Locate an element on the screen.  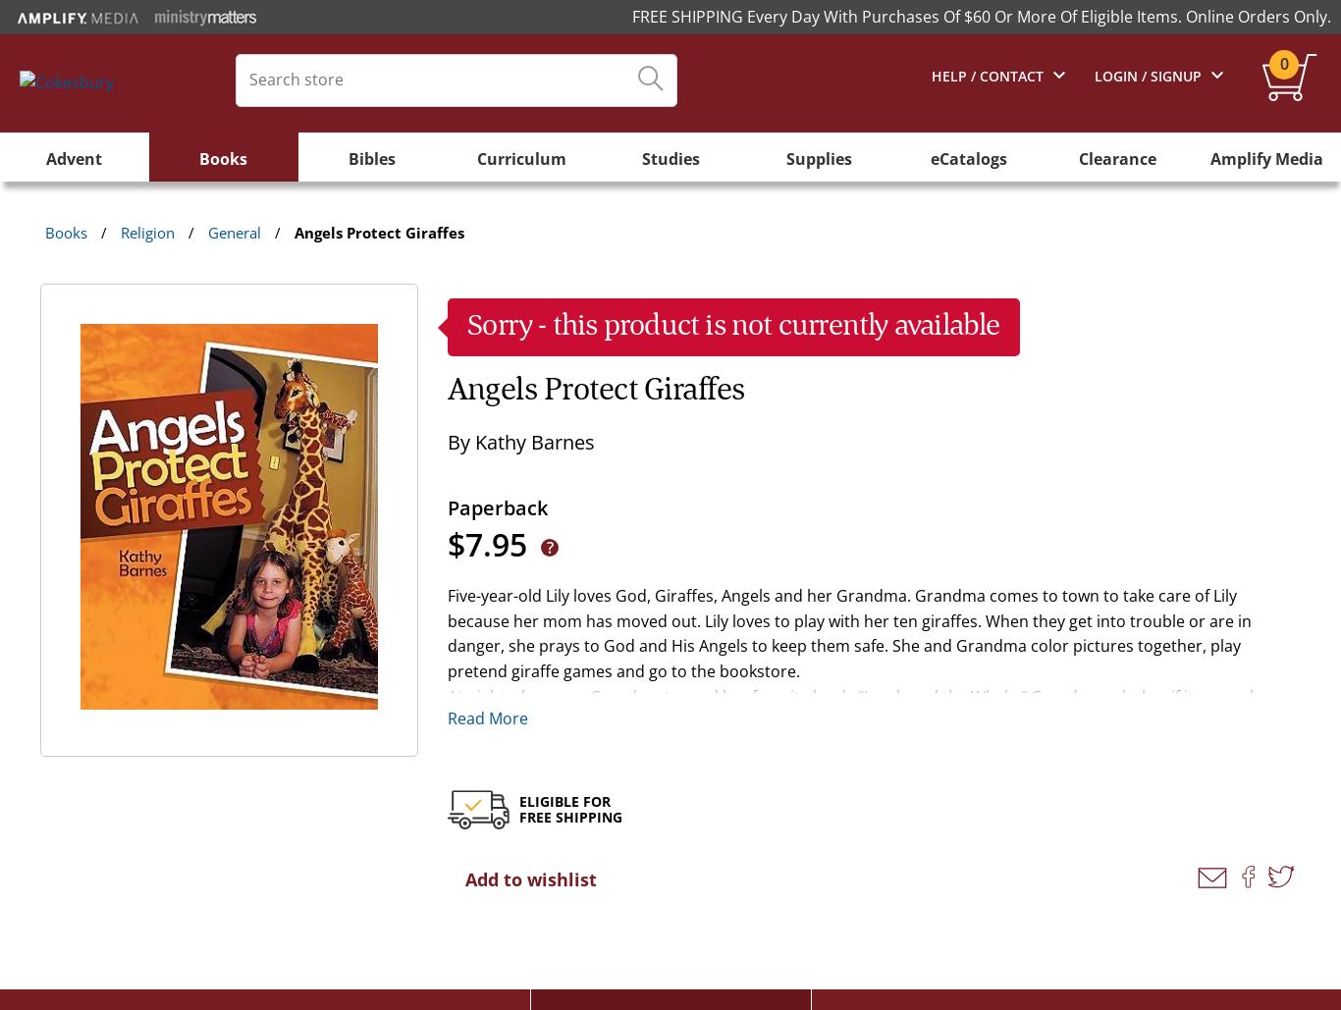
'Kathy also ran and taught a preschool program for handicapped children. She teaches Sunday School in her church. Her husband is a retired Methodist minister.' is located at coordinates (846, 883).